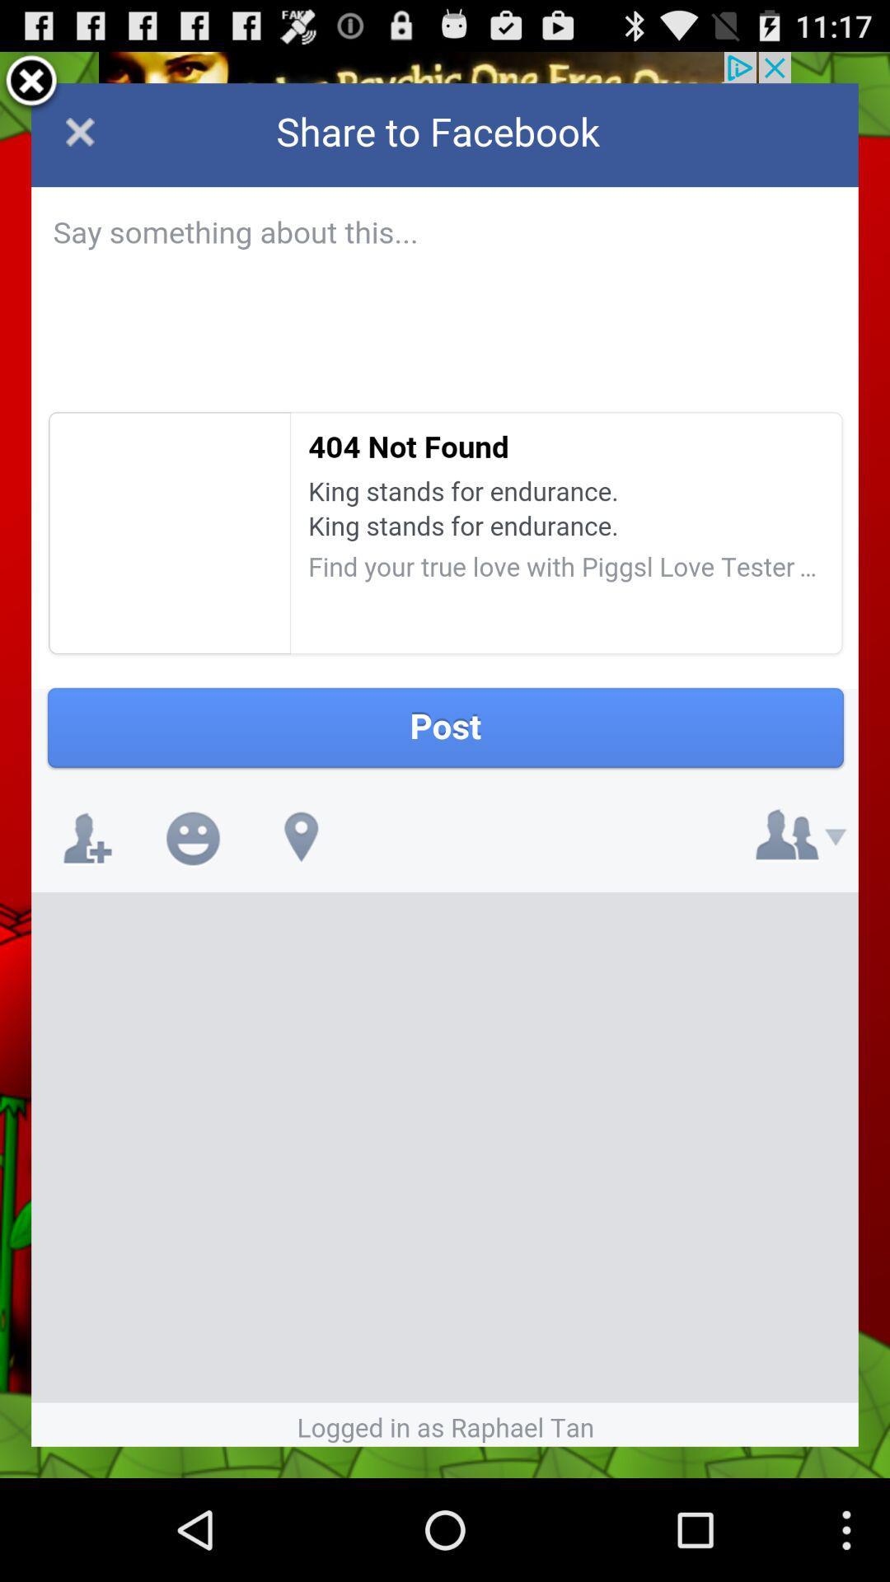  What do you see at coordinates (31, 88) in the screenshot?
I see `the close icon` at bounding box center [31, 88].